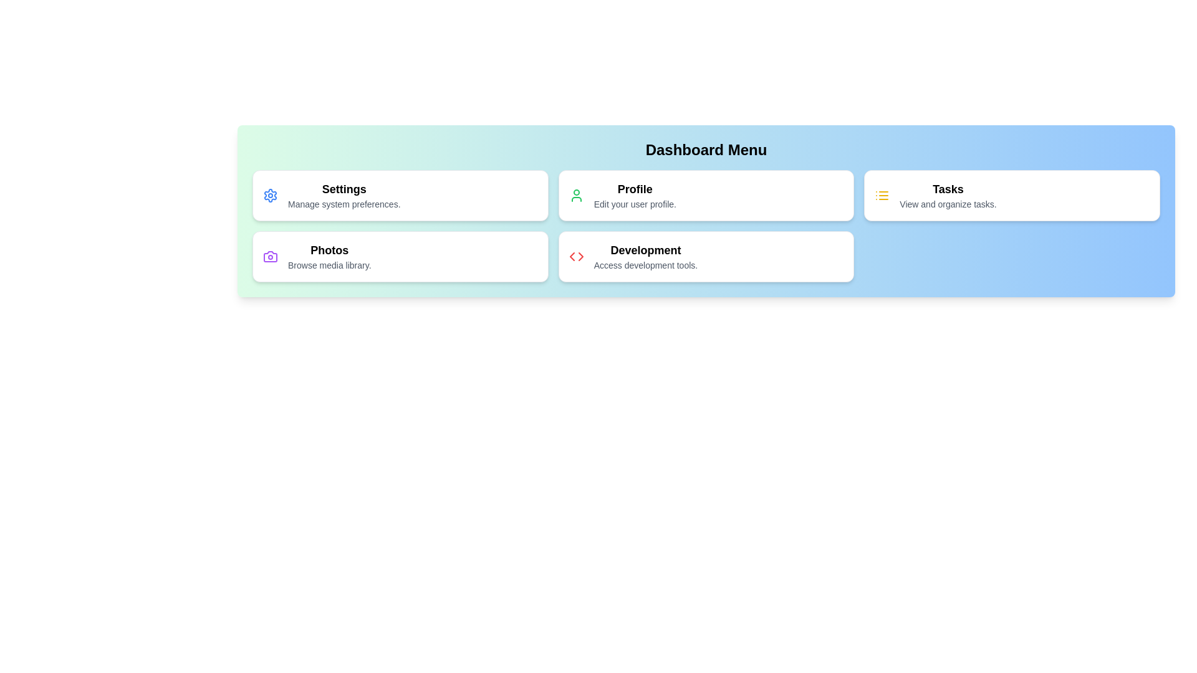  Describe the element at coordinates (706, 195) in the screenshot. I see `the menu item labeled Profile to navigate to its associated functionality` at that location.